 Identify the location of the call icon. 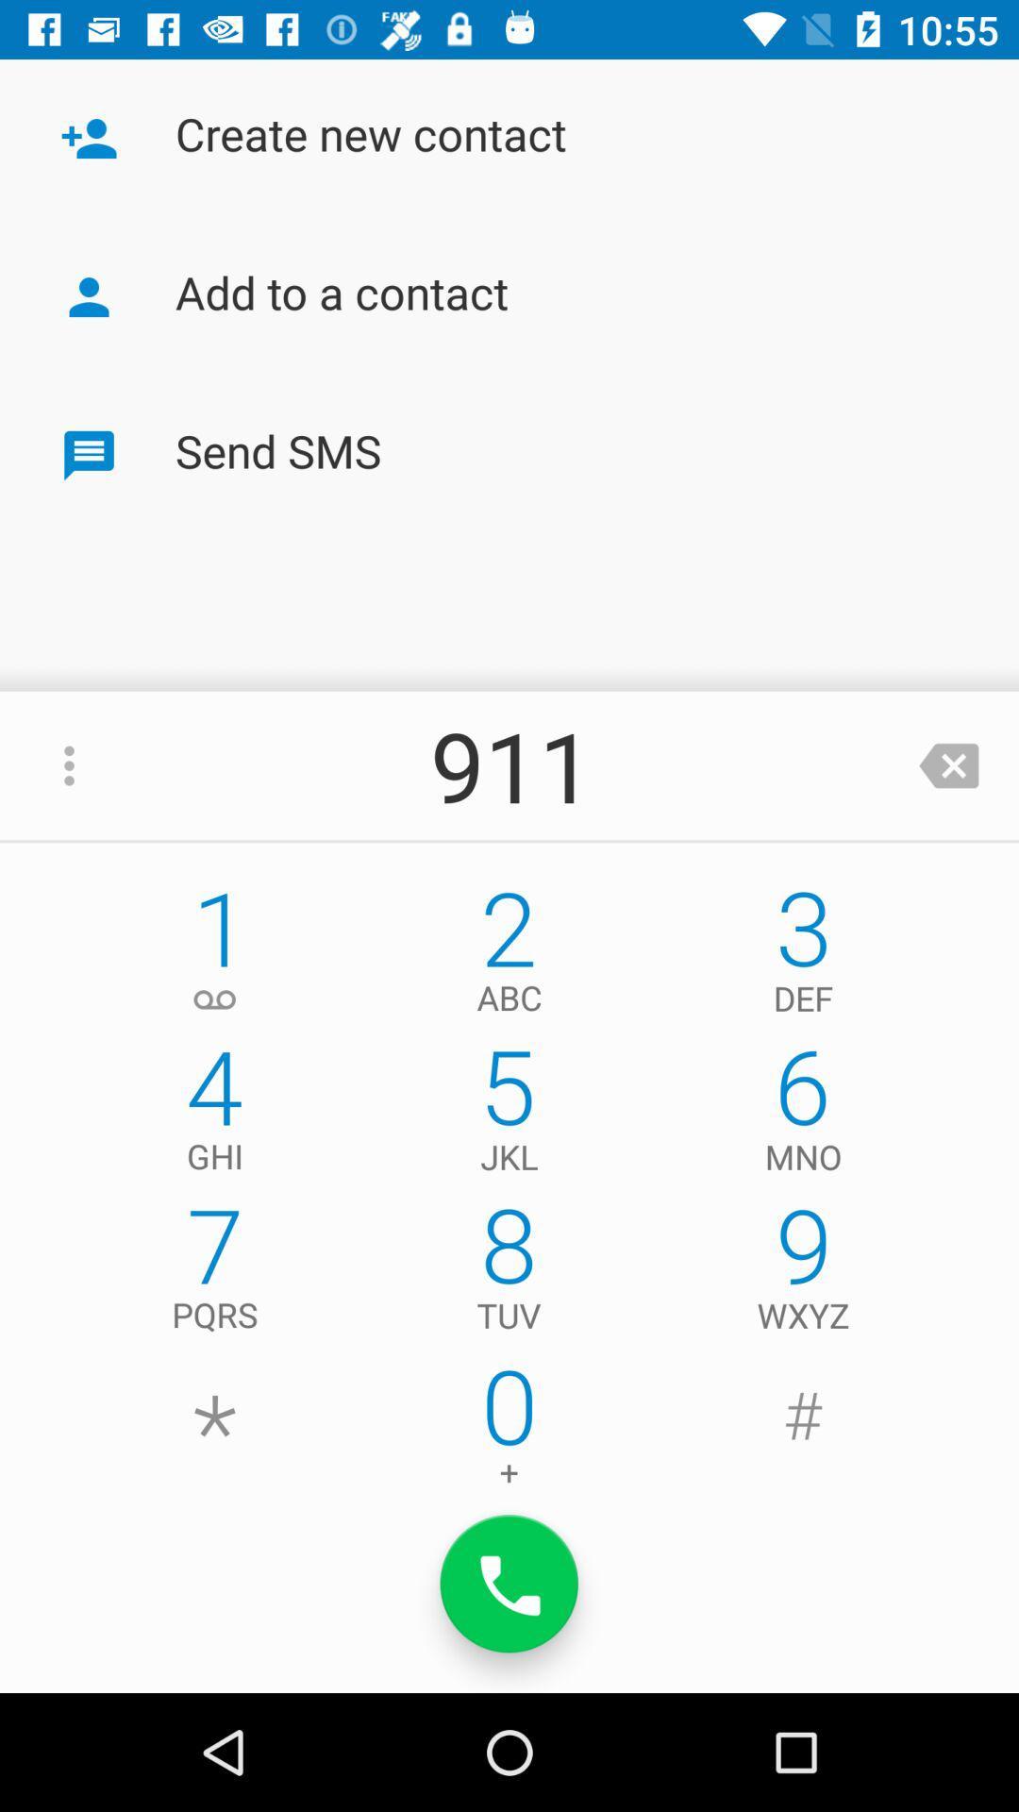
(509, 1584).